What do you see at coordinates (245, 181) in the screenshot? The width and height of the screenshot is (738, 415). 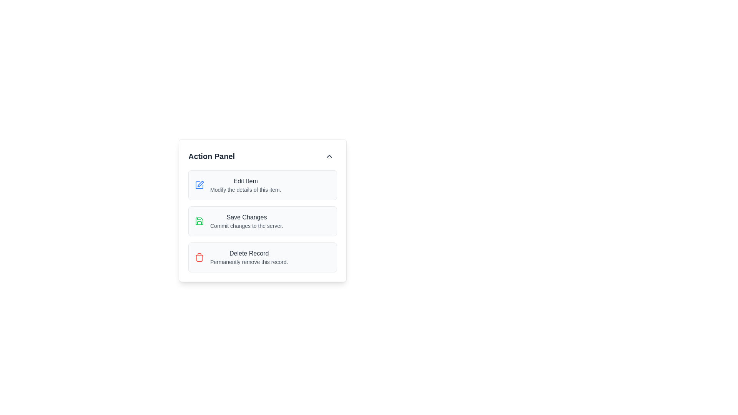 I see `the Text label that serves as the title for the 'Edit Item' action, located in the 'Action Panel' section, above supporting text and left-aligned with the 'Edit' icon` at bounding box center [245, 181].